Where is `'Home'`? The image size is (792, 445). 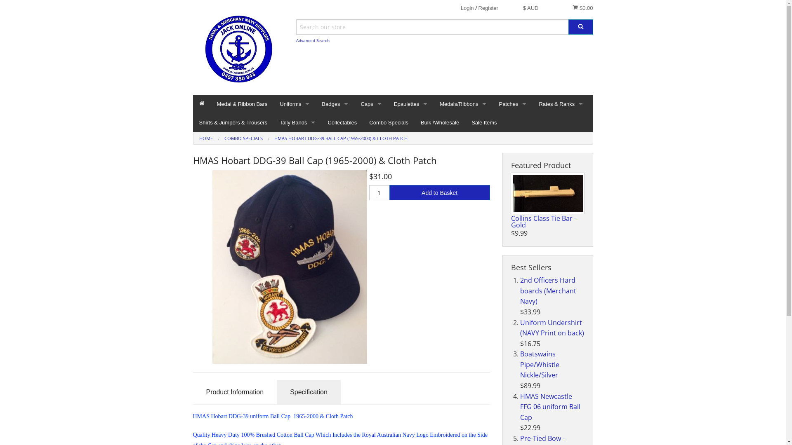 'Home' is located at coordinates (192, 103).